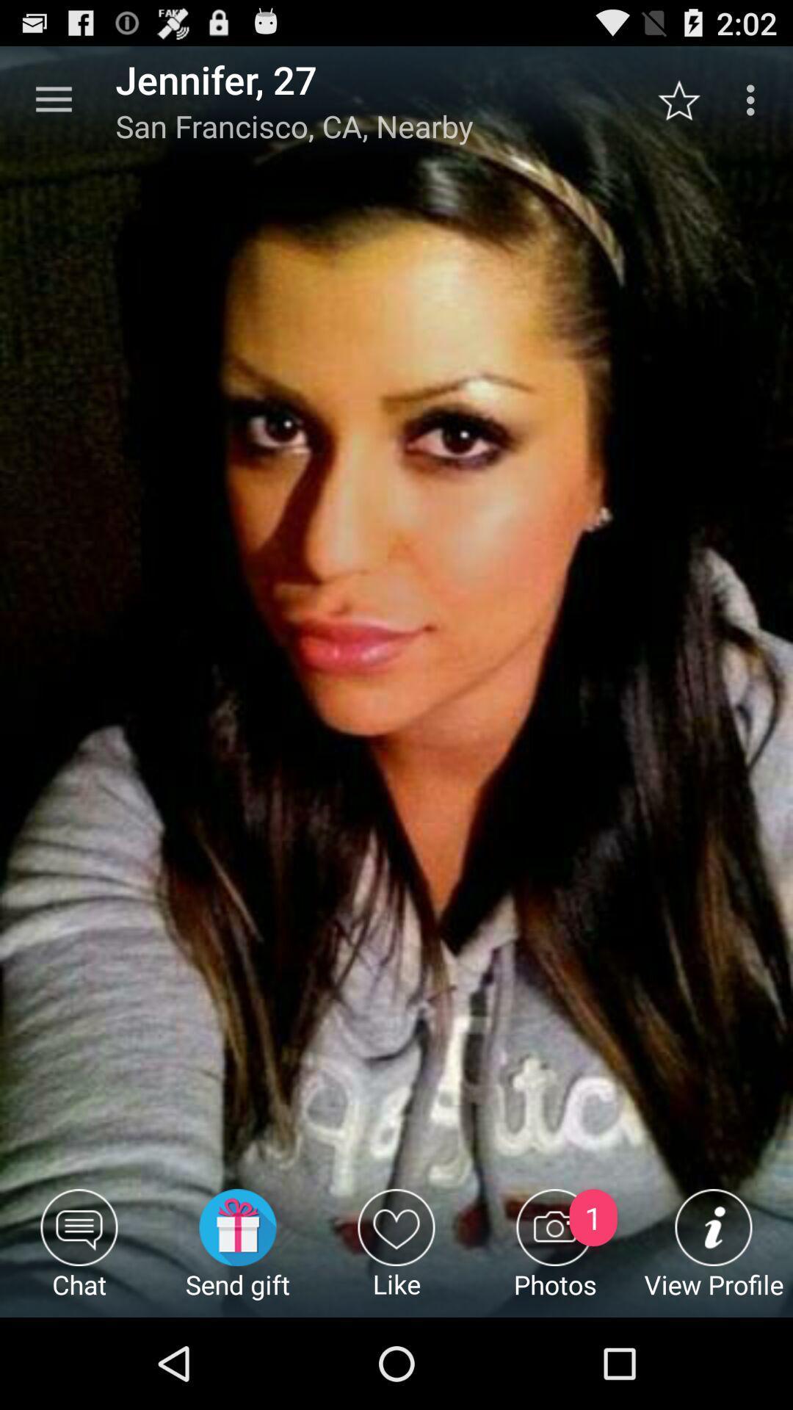 The image size is (793, 1410). I want to click on the icon next to the photos icon, so click(713, 1252).